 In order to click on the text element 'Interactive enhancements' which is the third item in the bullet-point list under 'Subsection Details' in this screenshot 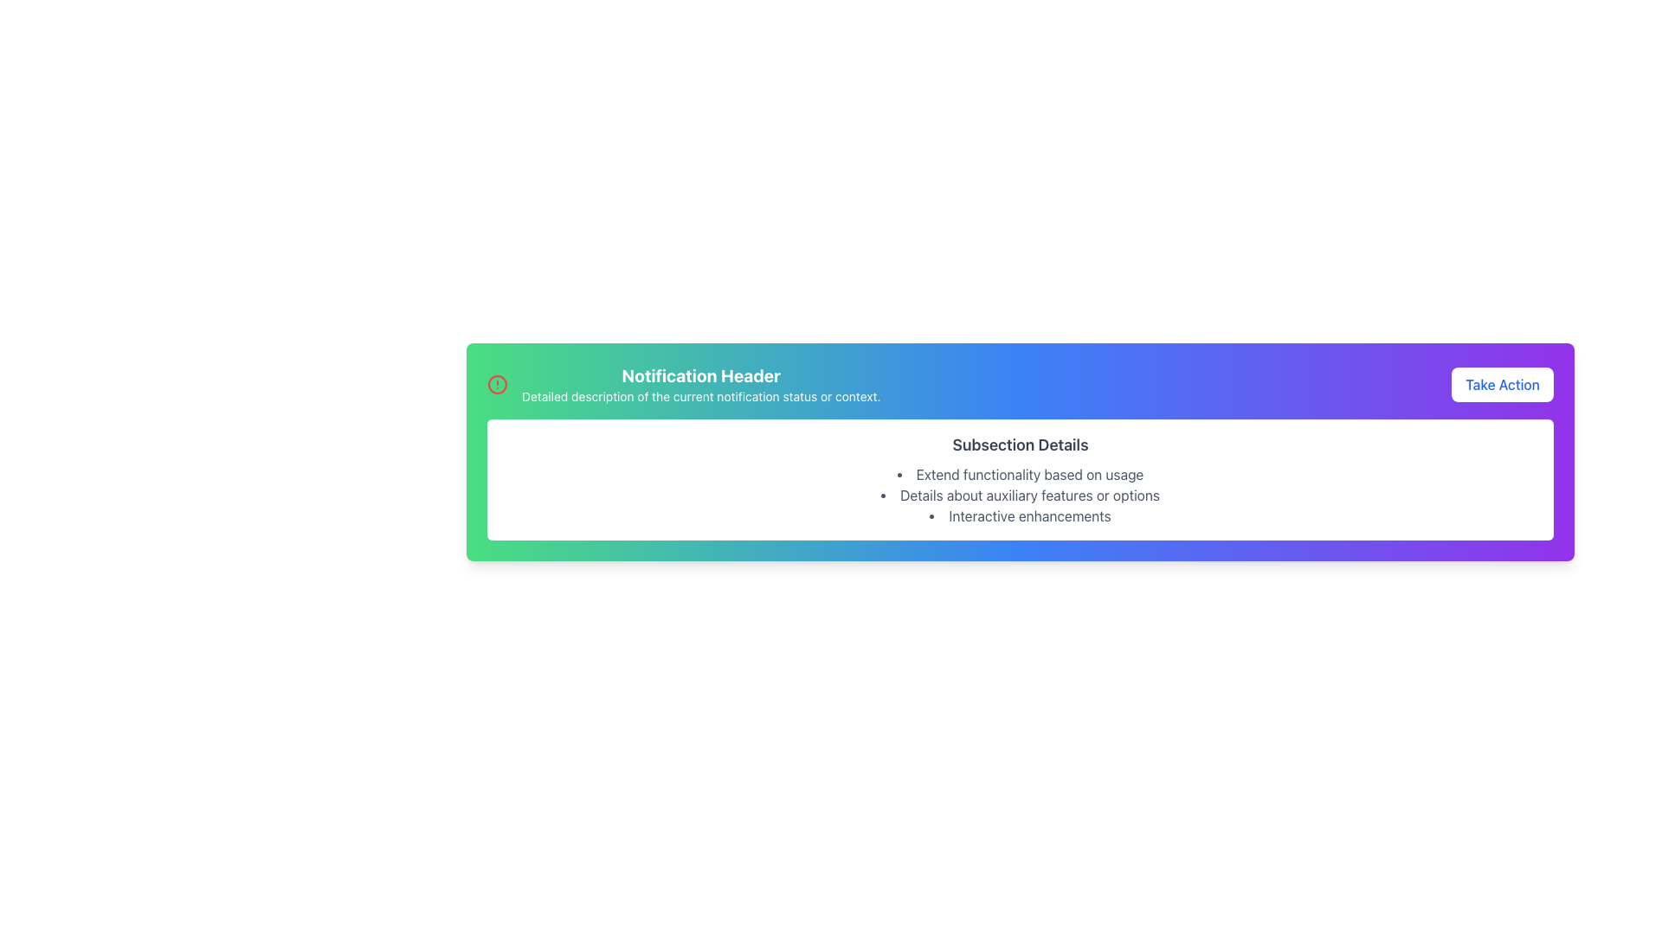, I will do `click(1021, 515)`.